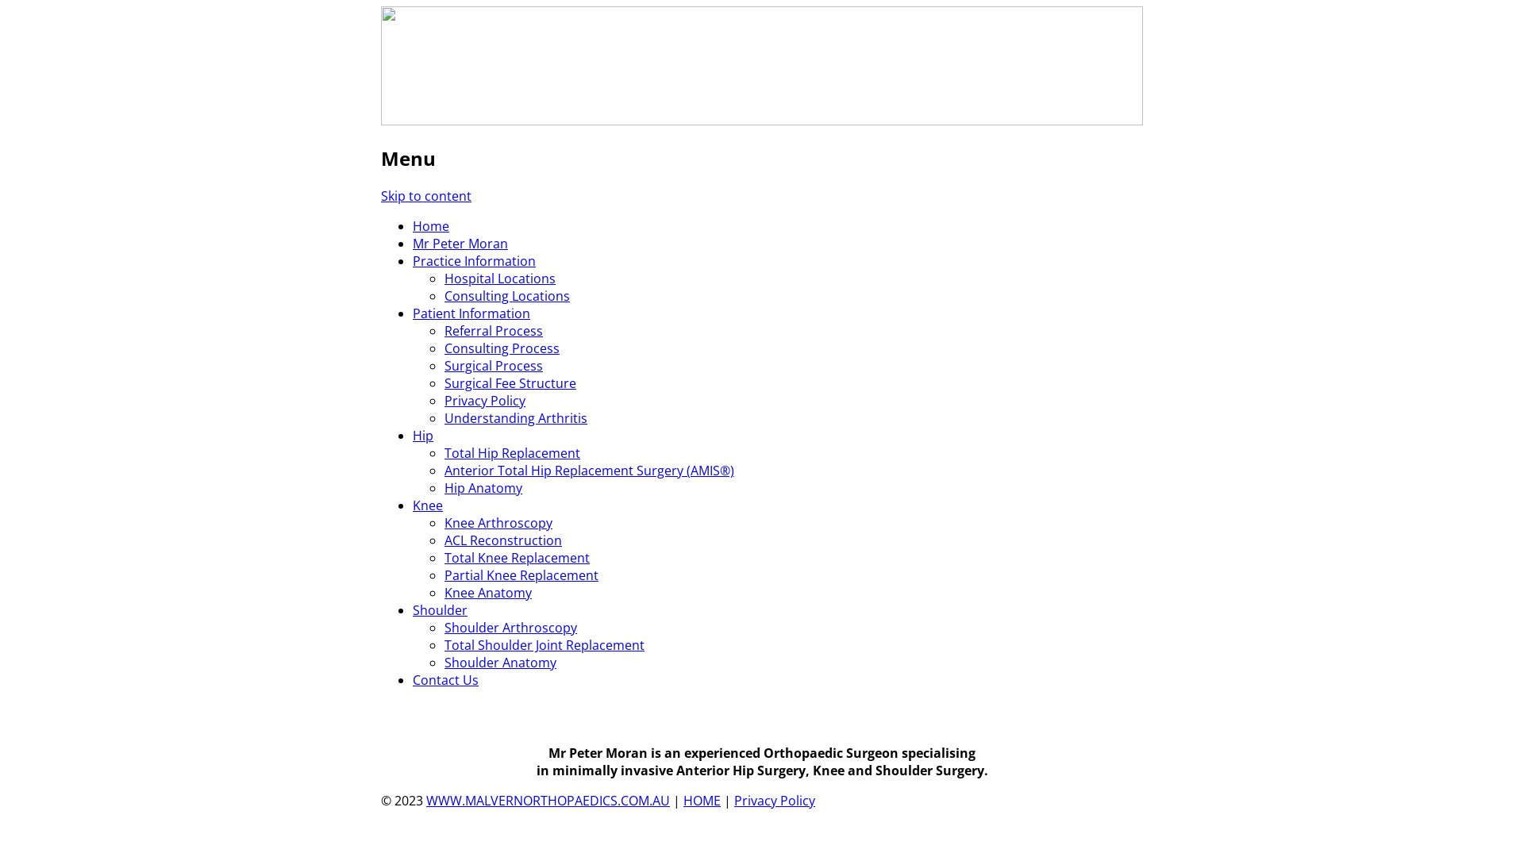  I want to click on 'Referral Process', so click(493, 329).